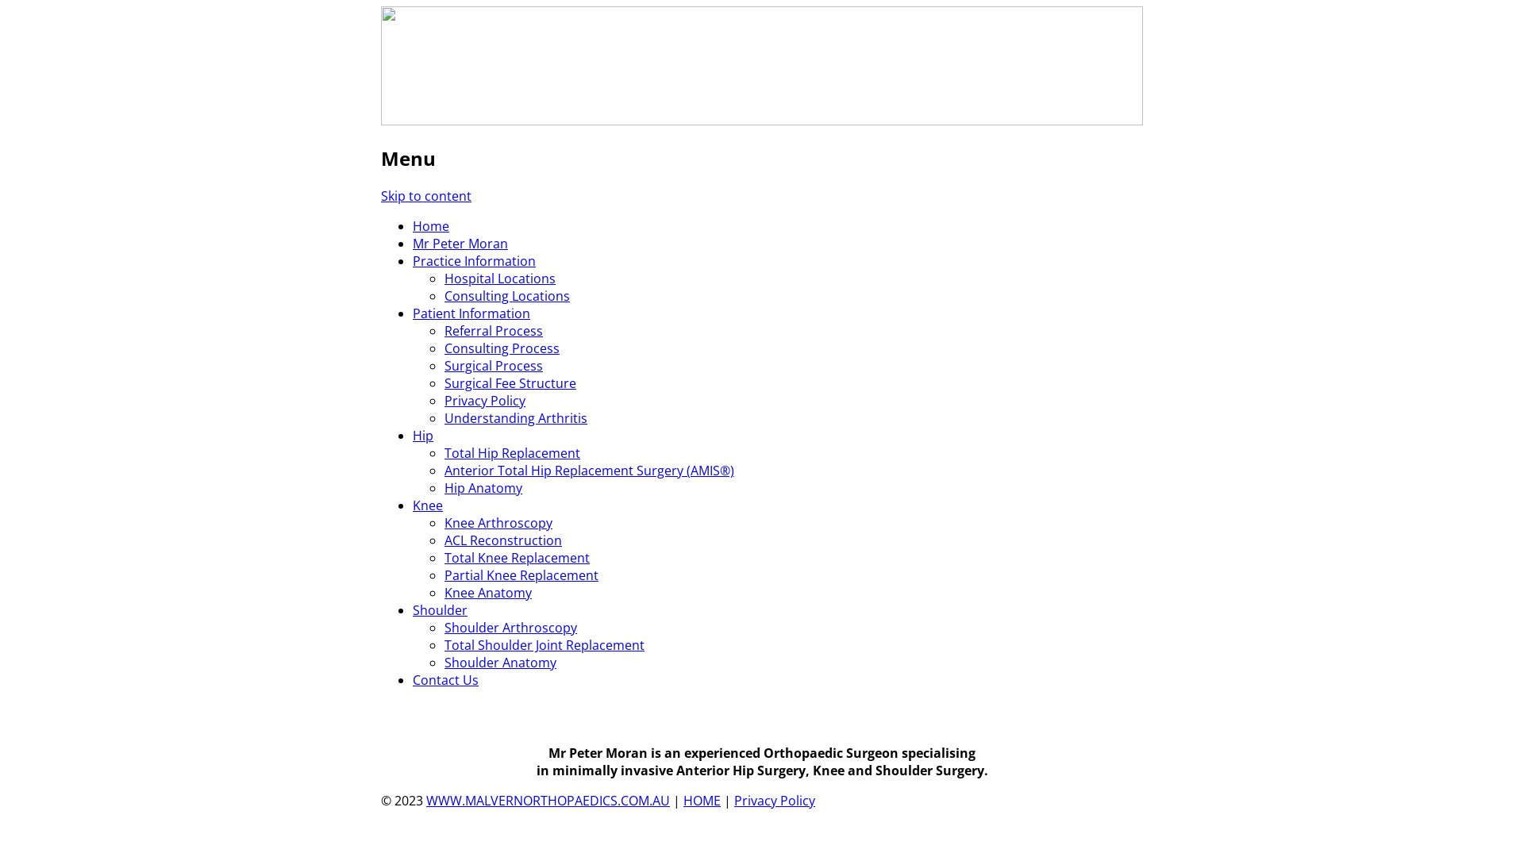  I want to click on 'Referral Process', so click(493, 329).